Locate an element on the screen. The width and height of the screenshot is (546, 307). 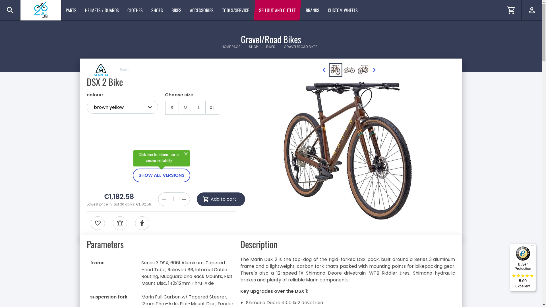
'GRAVEL/ROAD BIKES' is located at coordinates (300, 47).